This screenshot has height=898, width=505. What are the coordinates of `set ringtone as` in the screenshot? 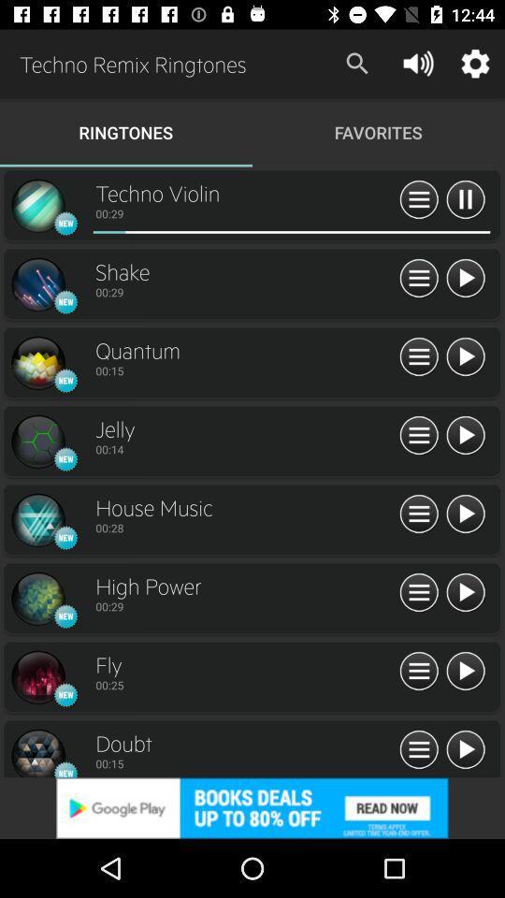 It's located at (419, 356).